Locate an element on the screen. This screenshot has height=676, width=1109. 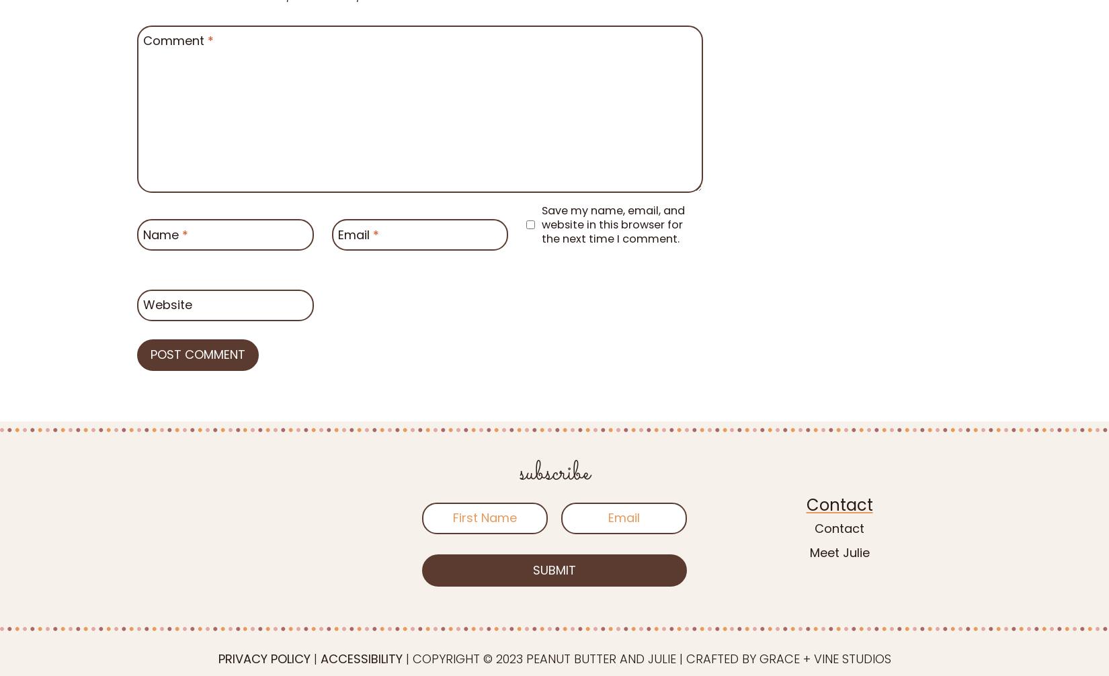
'| Copyright © 2023 Peanut Butter and Julie | Crafted by Grace + Vine Studios' is located at coordinates (401, 657).